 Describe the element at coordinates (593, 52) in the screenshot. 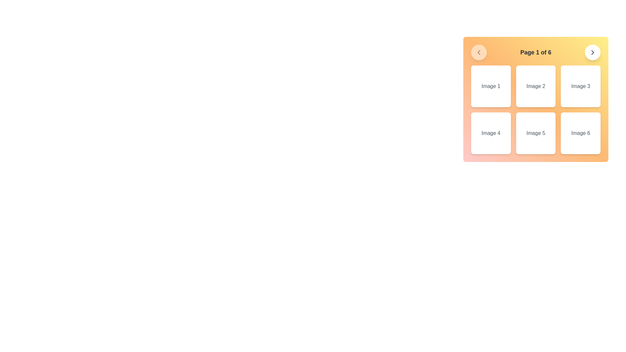

I see `the small right-chevron icon, which is centrally aligned within a circular white button at the top-right corner of the content card area` at that location.